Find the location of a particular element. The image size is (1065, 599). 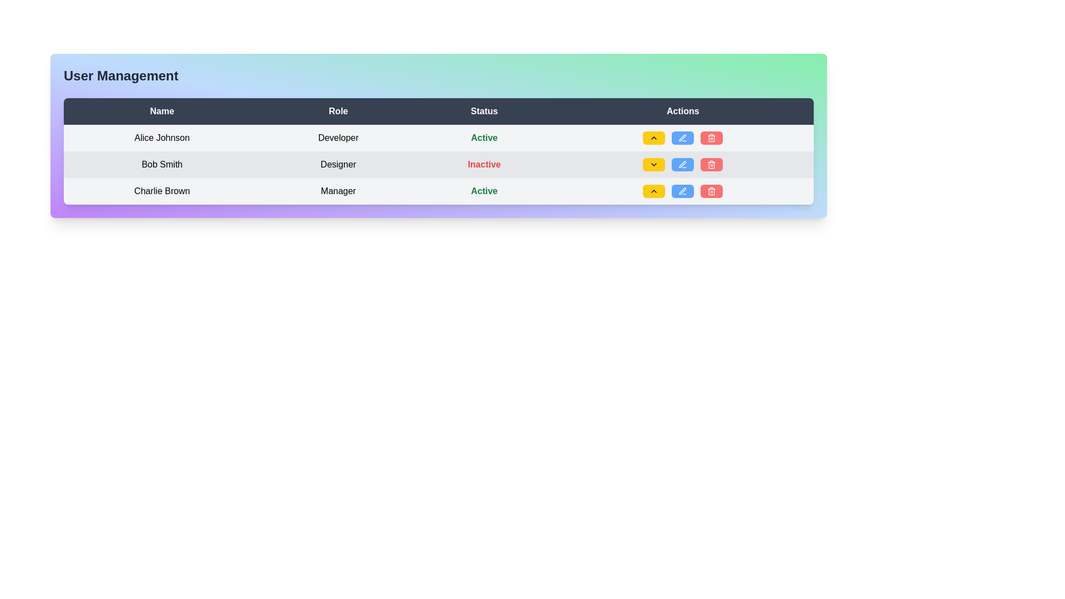

the 'Active' text label styled with a bold green font in the 'Status' column of the table, which is aligned with the 'Manager' entry in the 'Role' column is located at coordinates (484, 190).